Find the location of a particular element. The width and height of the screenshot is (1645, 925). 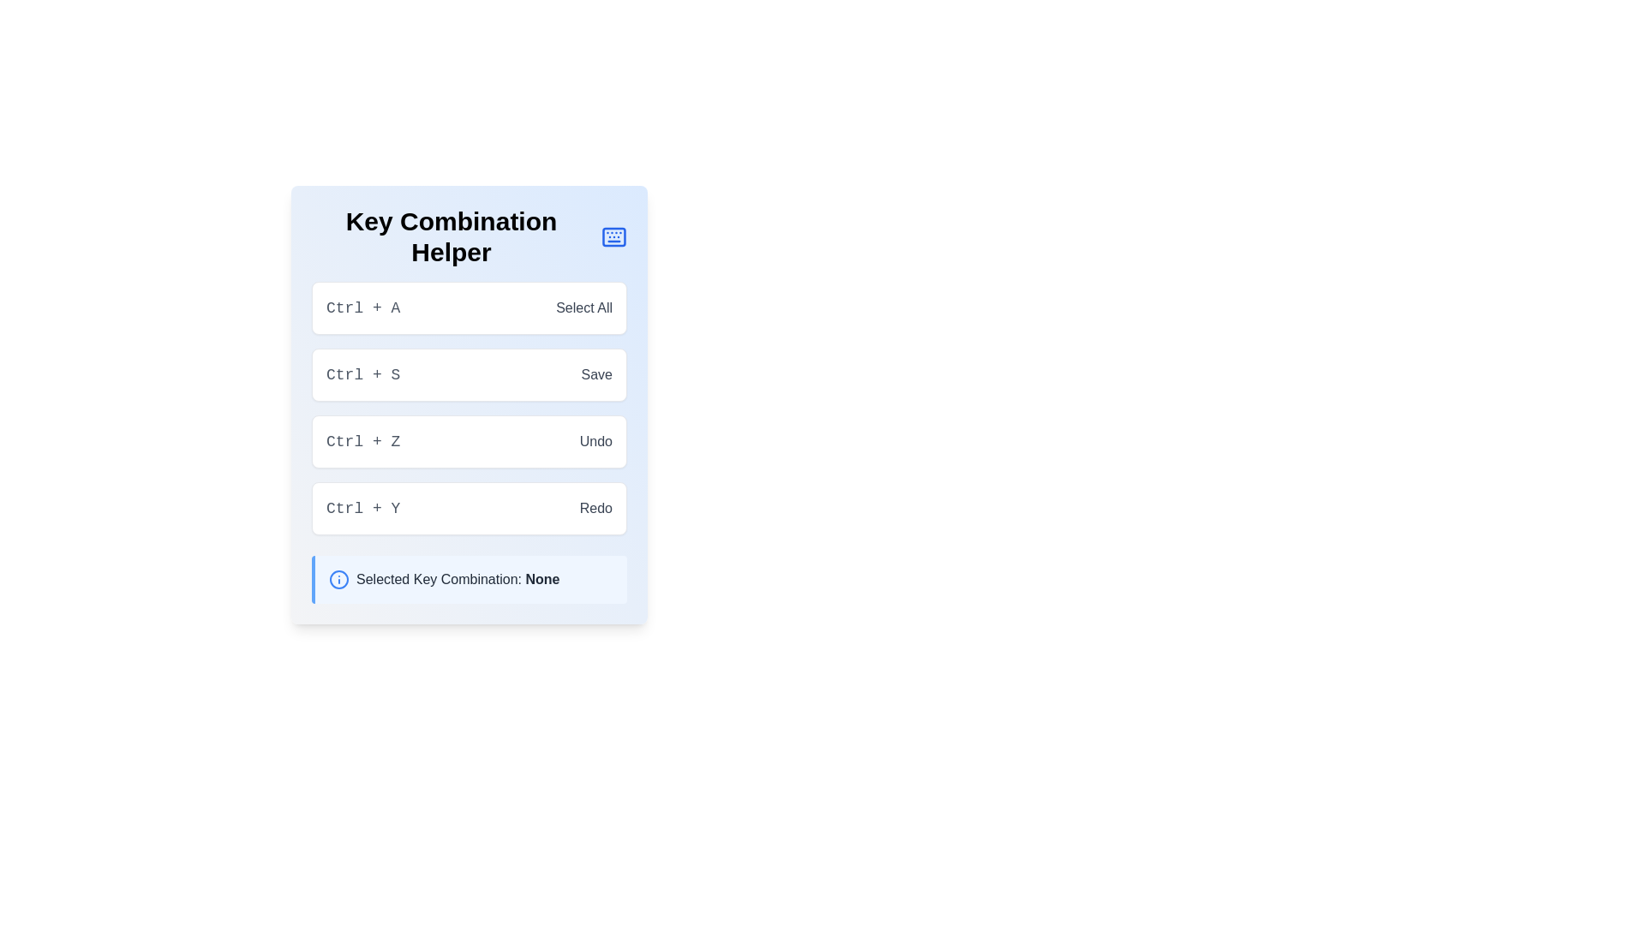

the blue keyboard icon located at the top-right corner of the 'Key Combination Helper' section is located at coordinates (613, 237).